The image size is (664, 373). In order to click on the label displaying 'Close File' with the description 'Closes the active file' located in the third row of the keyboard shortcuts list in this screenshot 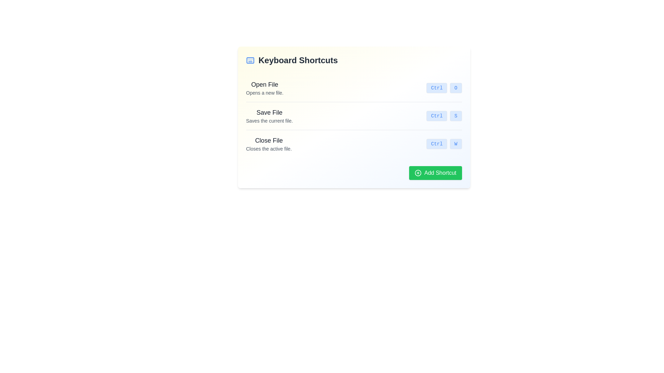, I will do `click(268, 143)`.